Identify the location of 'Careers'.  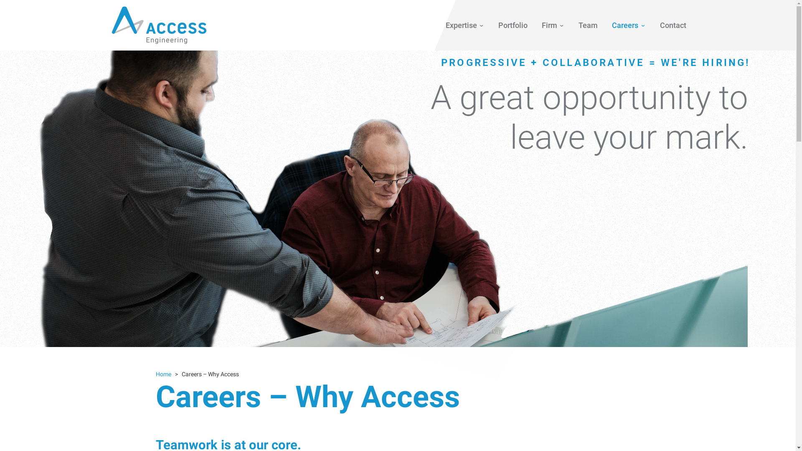
(629, 25).